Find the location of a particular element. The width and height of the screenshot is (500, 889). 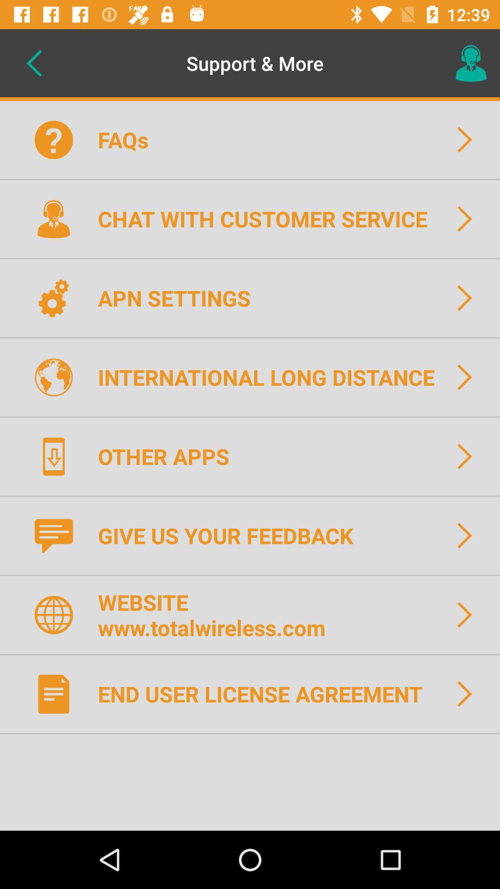

item to the left of support & more is located at coordinates (33, 63).